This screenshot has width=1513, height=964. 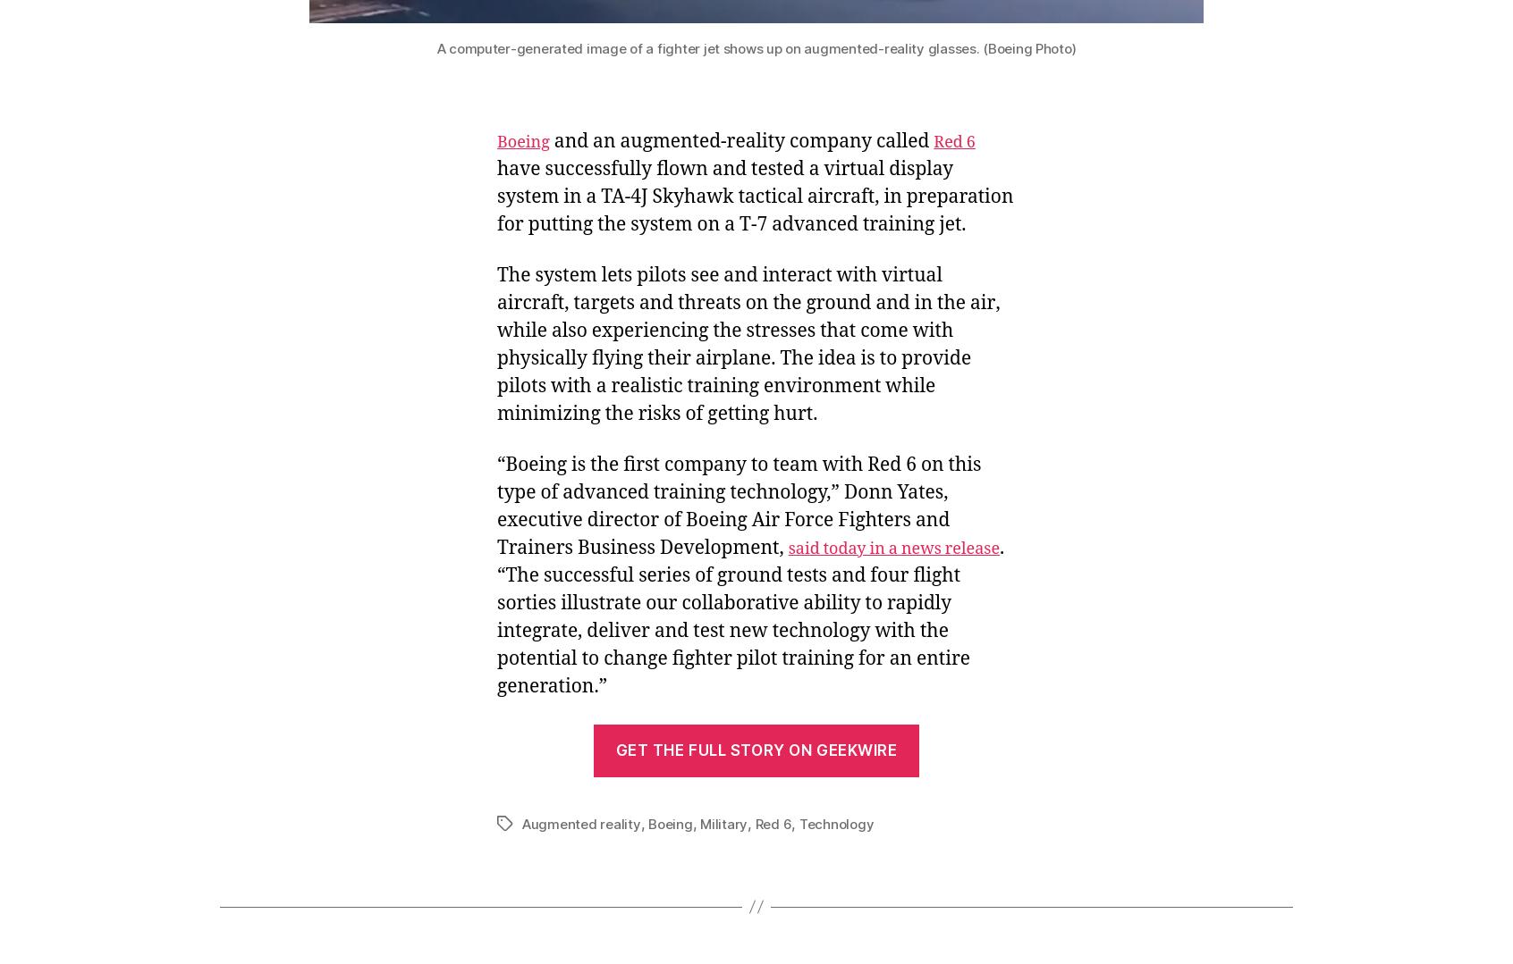 What do you see at coordinates (220, 146) in the screenshot?
I see `'Personal Links'` at bounding box center [220, 146].